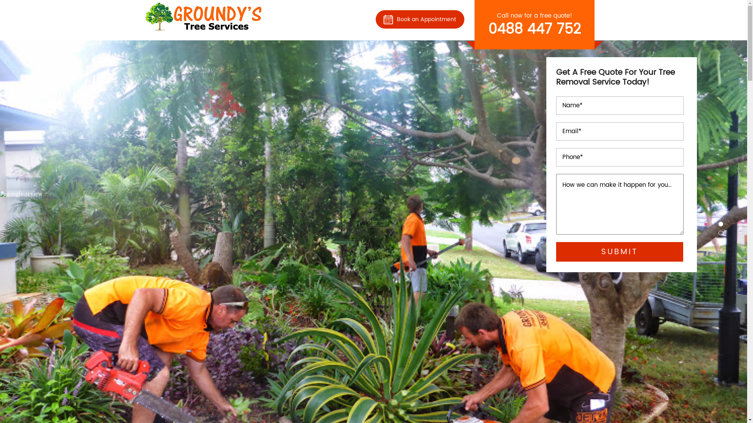  I want to click on 'Book an Appointment', so click(419, 18).